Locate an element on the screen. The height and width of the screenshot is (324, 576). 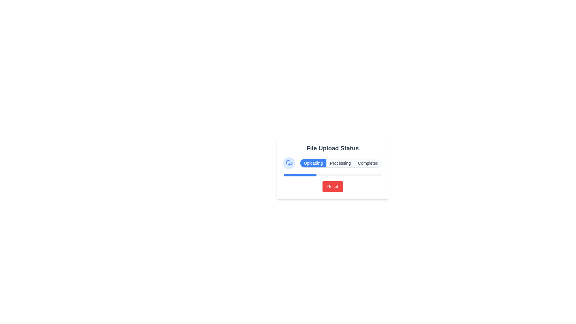
the interactive button component in the 'File Upload Status' section to switch the status of the file upload process is located at coordinates (332, 163).